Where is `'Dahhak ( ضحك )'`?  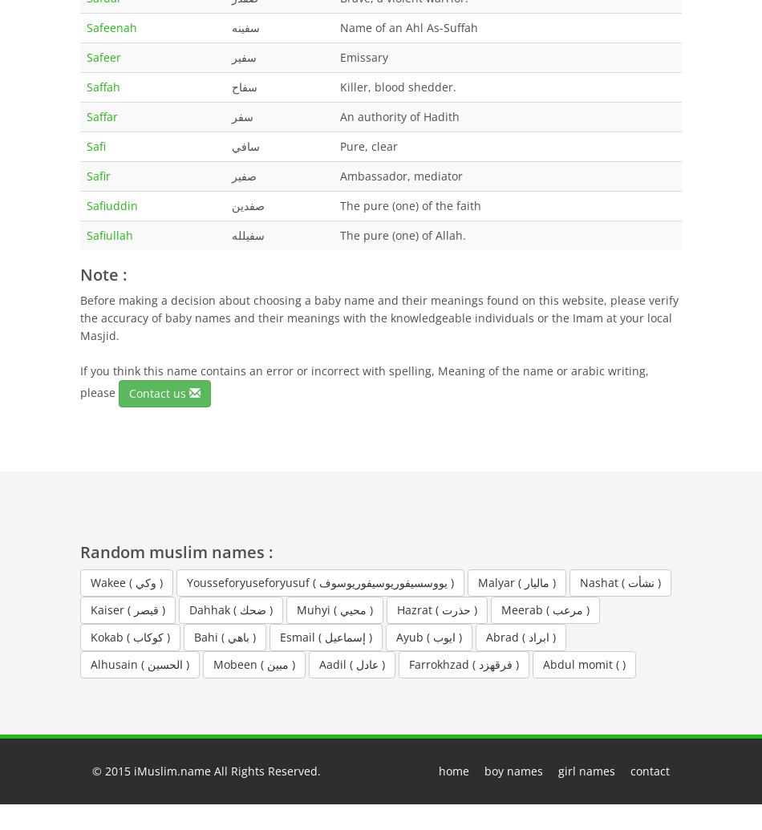
'Dahhak ( ضحك )' is located at coordinates (230, 608).